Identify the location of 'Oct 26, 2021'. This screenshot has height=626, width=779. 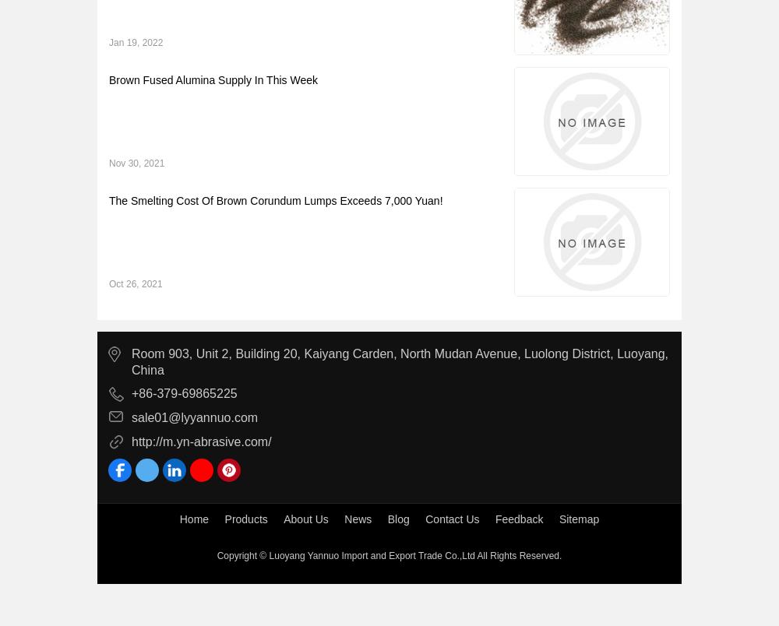
(136, 282).